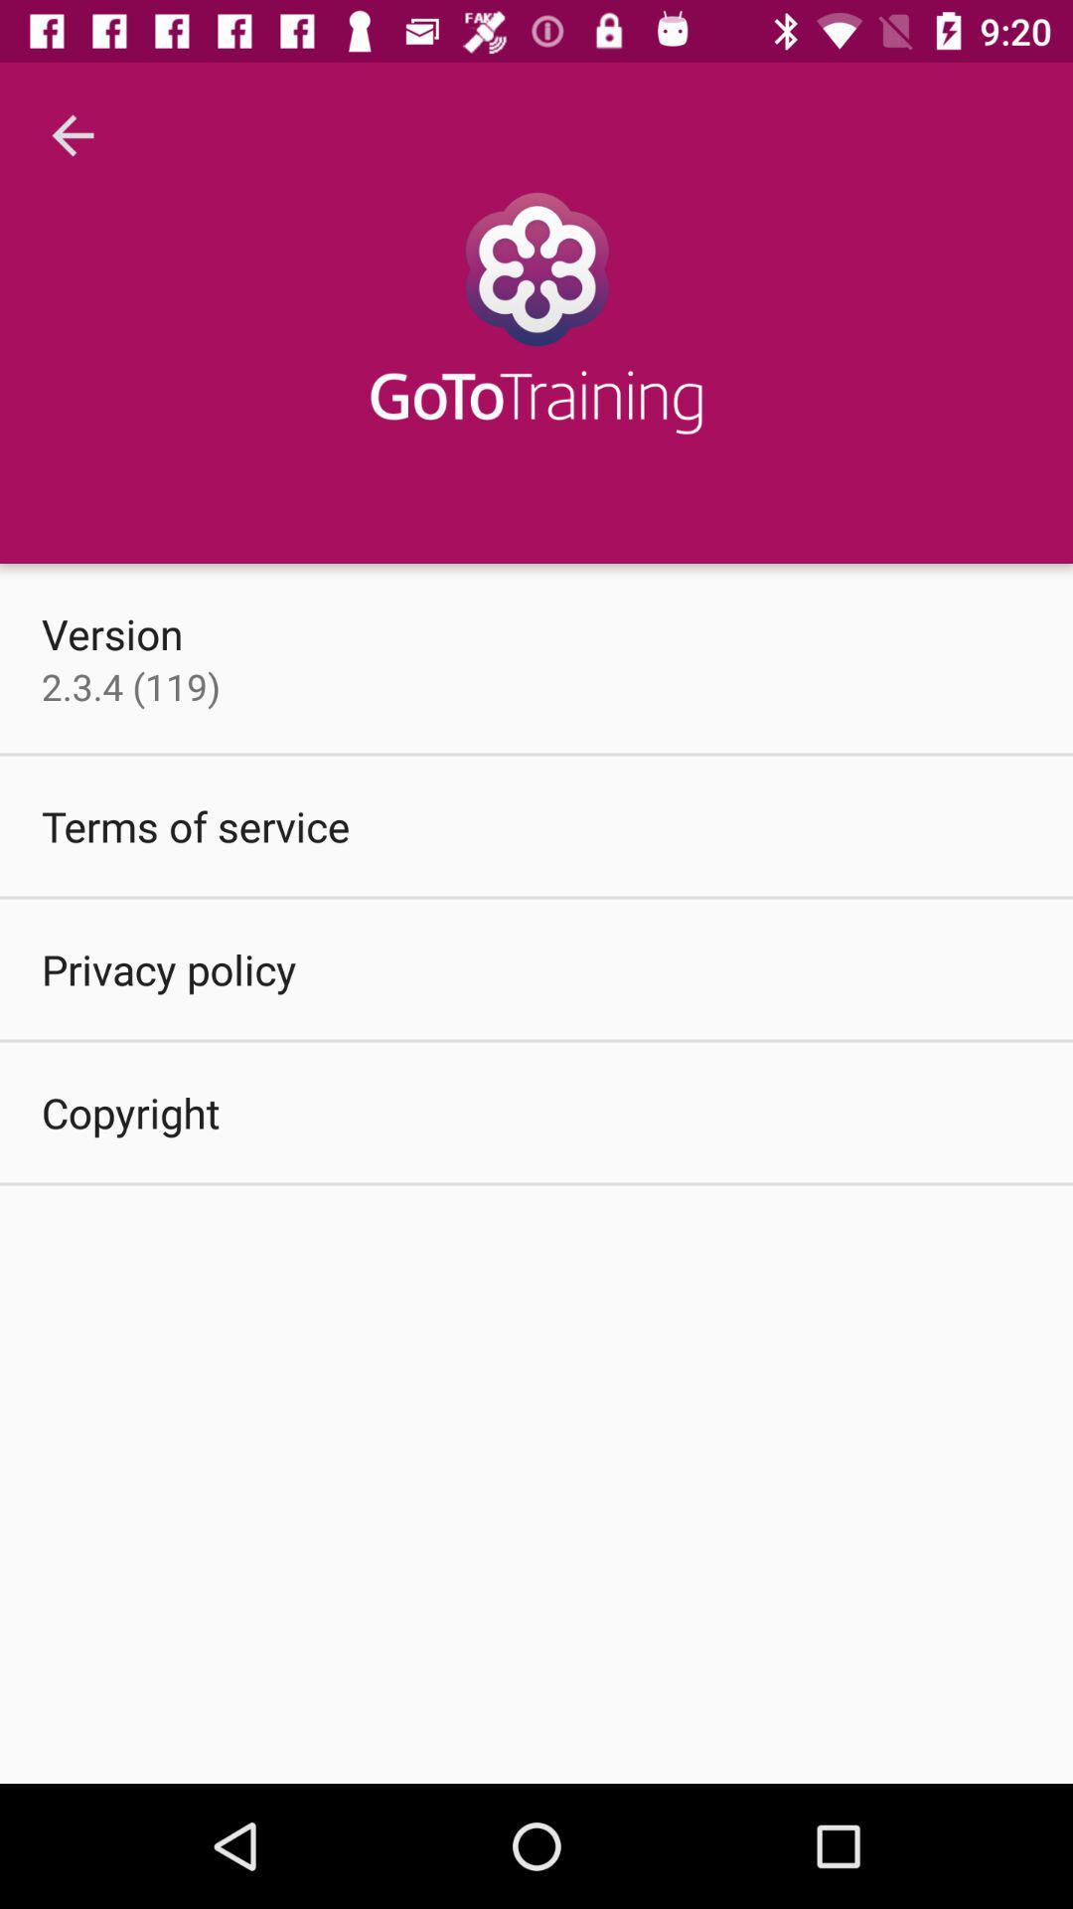 Image resolution: width=1073 pixels, height=1909 pixels. What do you see at coordinates (130, 1111) in the screenshot?
I see `copyright item` at bounding box center [130, 1111].